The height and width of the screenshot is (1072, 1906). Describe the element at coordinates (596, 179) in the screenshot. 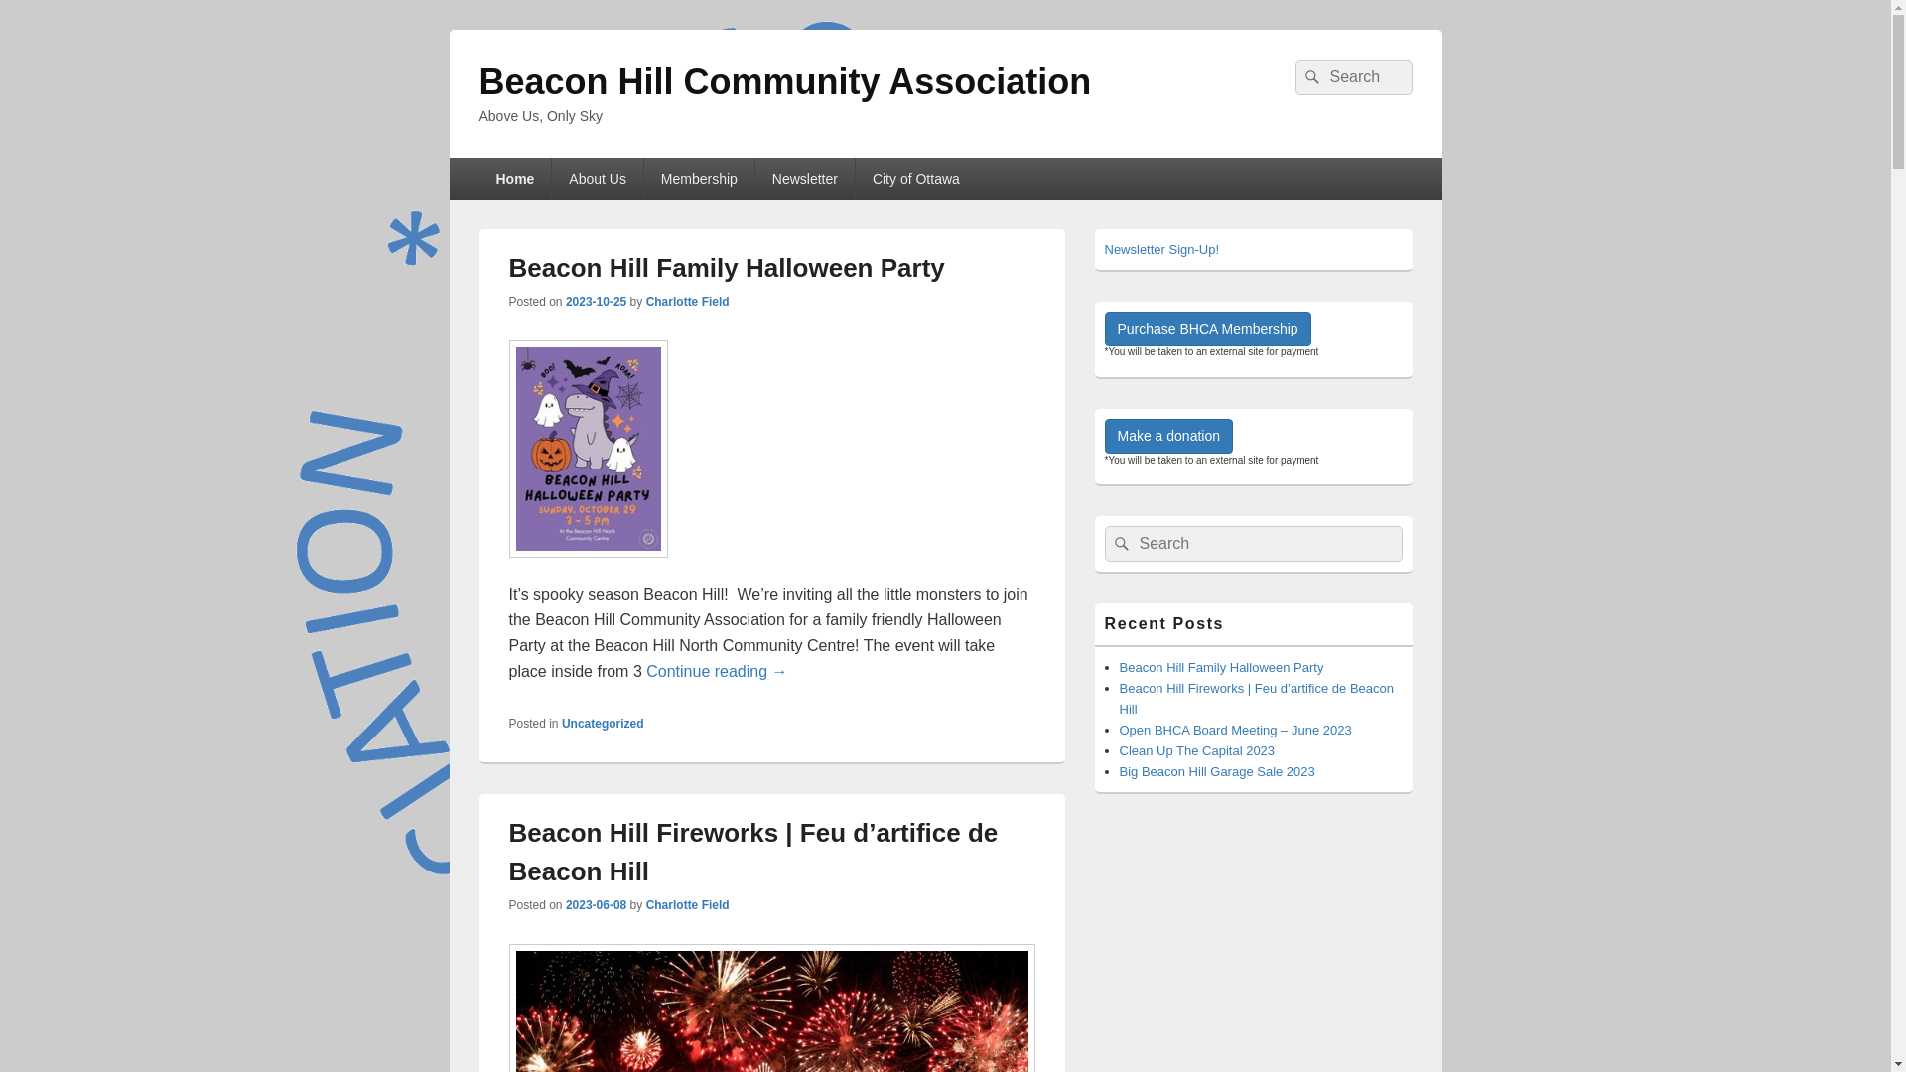

I see `'About Us'` at that location.